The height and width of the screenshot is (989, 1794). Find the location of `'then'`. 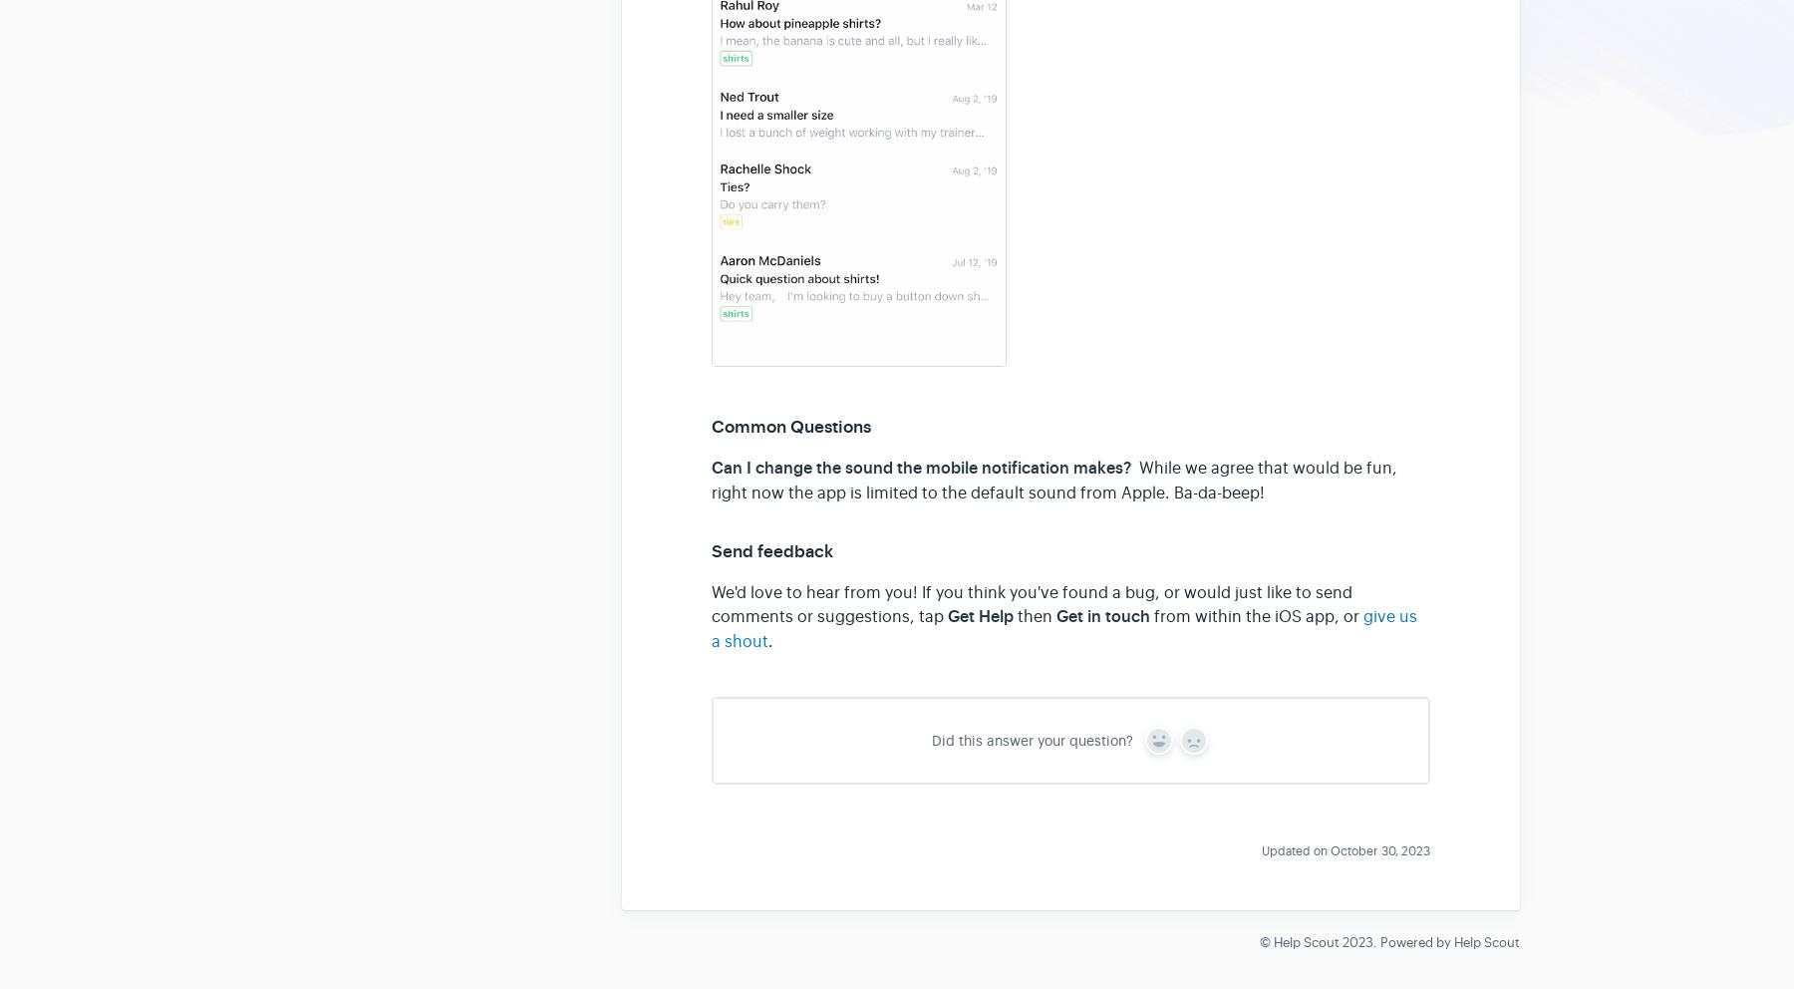

'then' is located at coordinates (1035, 616).